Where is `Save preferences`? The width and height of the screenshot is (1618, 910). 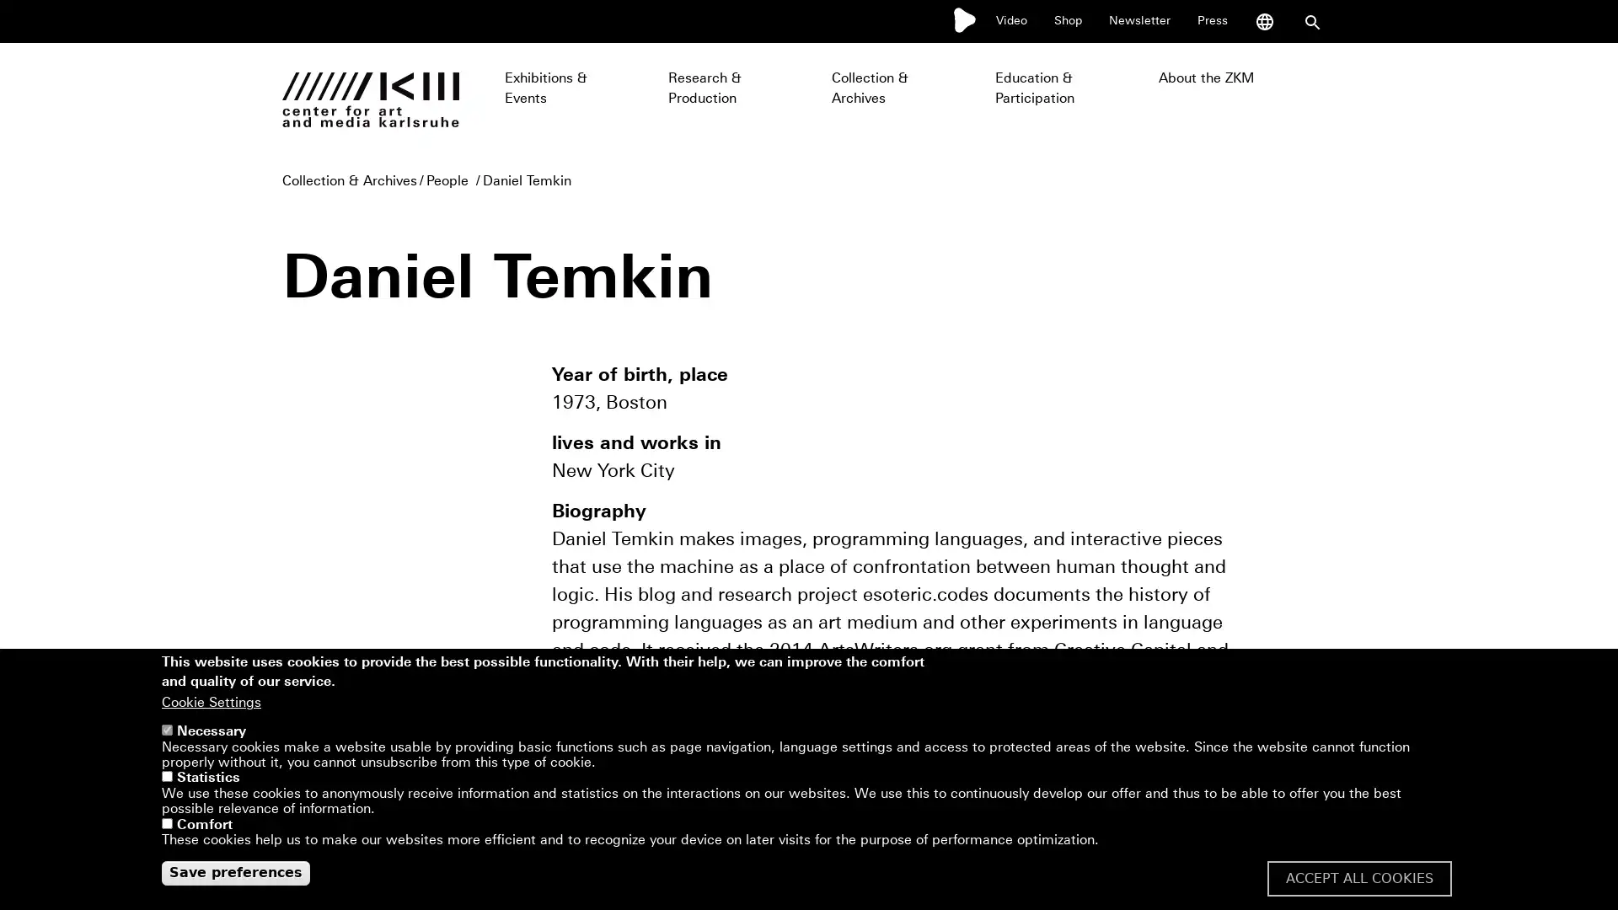
Save preferences is located at coordinates (234, 872).